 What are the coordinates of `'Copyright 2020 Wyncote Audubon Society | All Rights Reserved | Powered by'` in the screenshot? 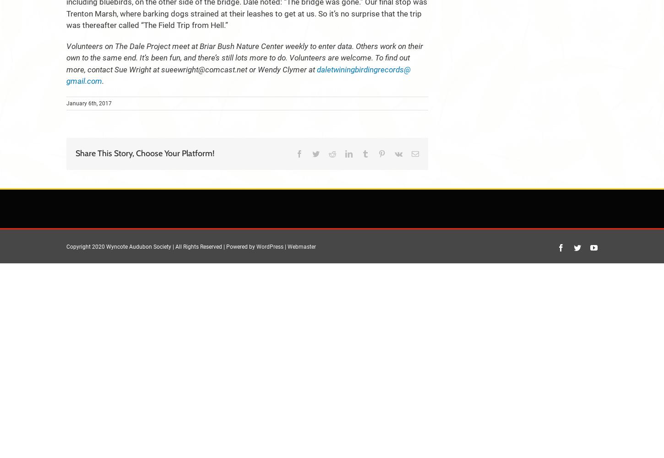 It's located at (66, 246).